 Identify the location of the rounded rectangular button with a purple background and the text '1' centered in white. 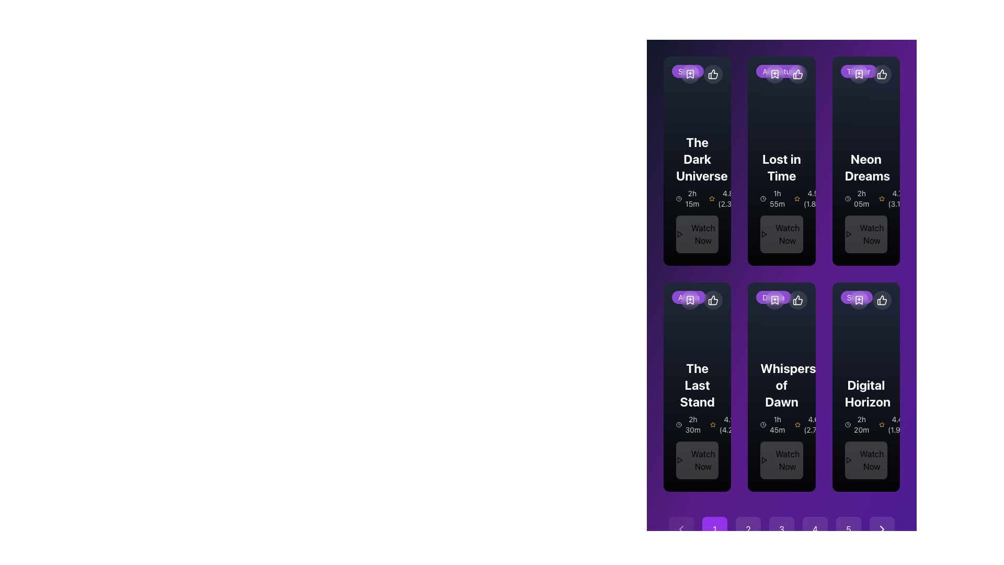
(714, 529).